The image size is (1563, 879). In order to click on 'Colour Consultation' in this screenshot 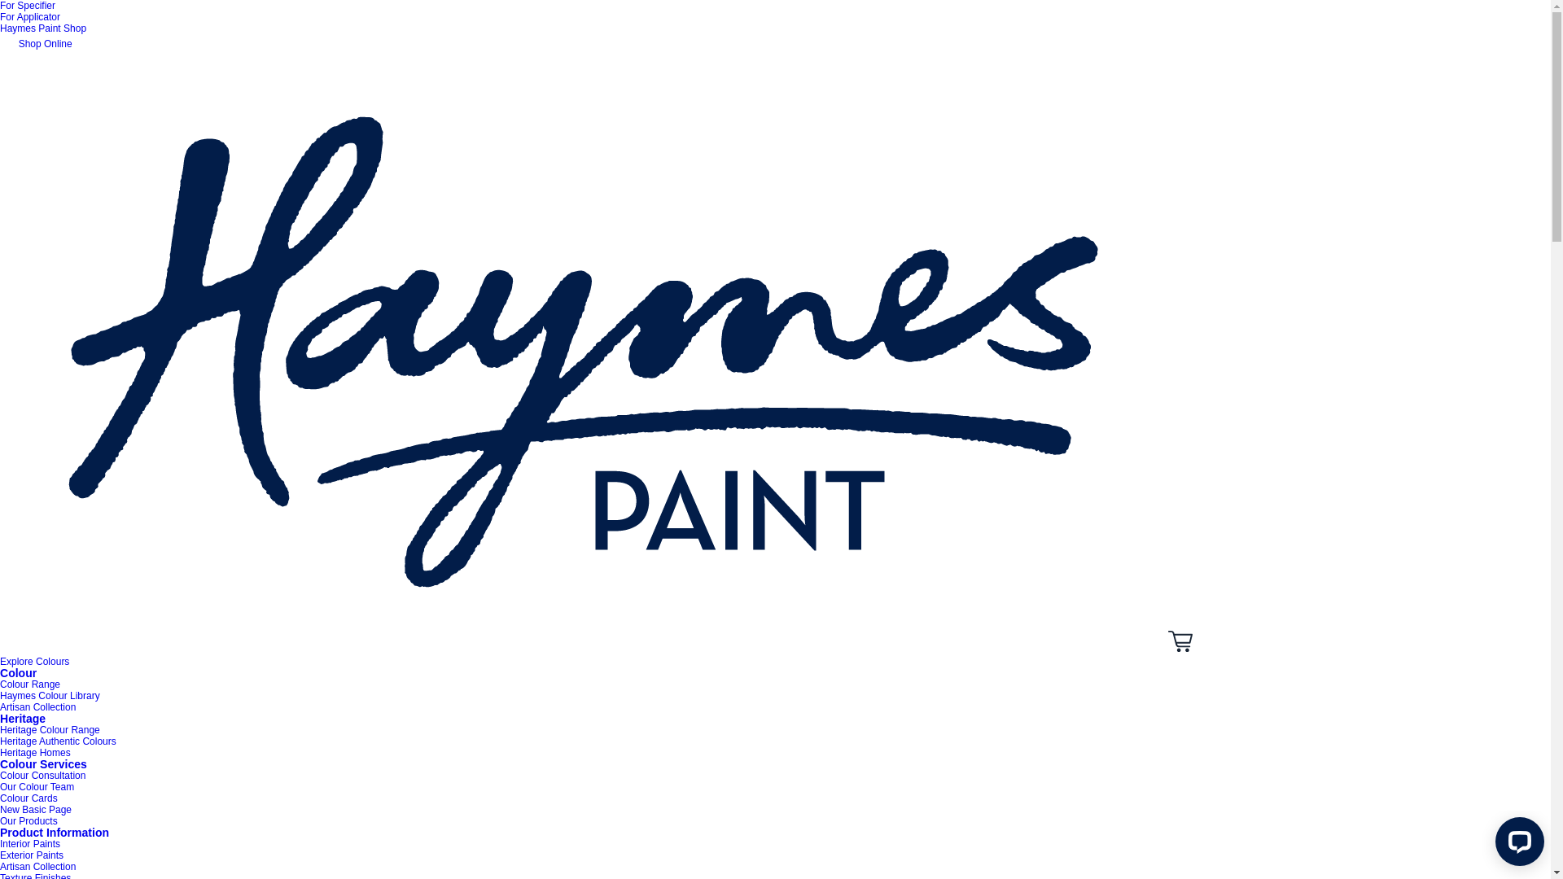, I will do `click(42, 774)`.